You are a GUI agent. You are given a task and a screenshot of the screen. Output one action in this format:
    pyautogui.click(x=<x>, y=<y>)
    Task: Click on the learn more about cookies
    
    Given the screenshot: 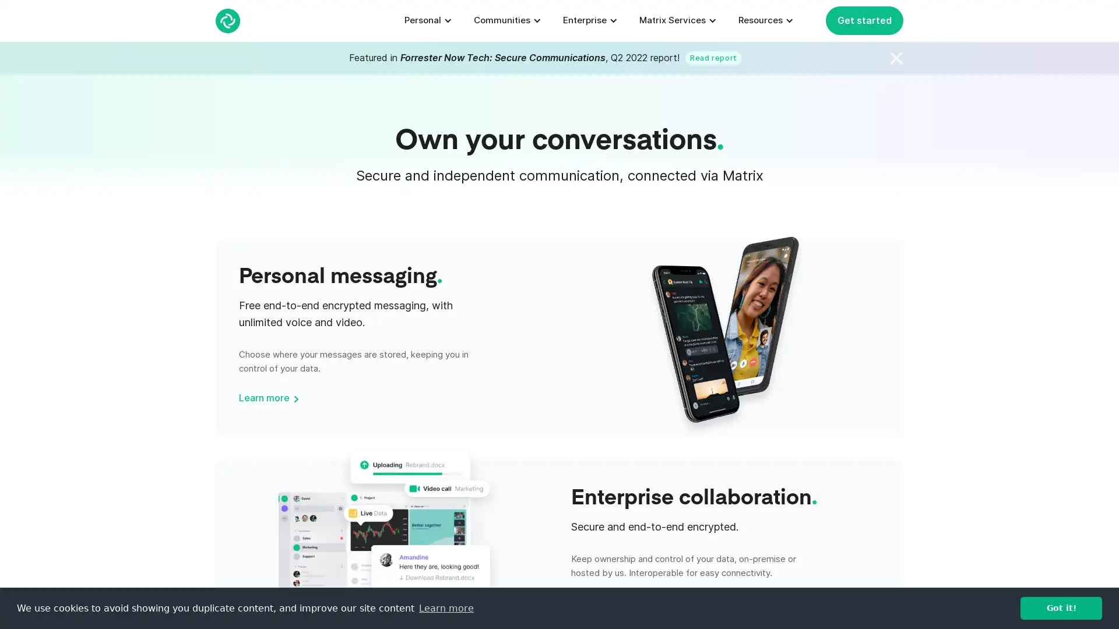 What is the action you would take?
    pyautogui.click(x=445, y=607)
    